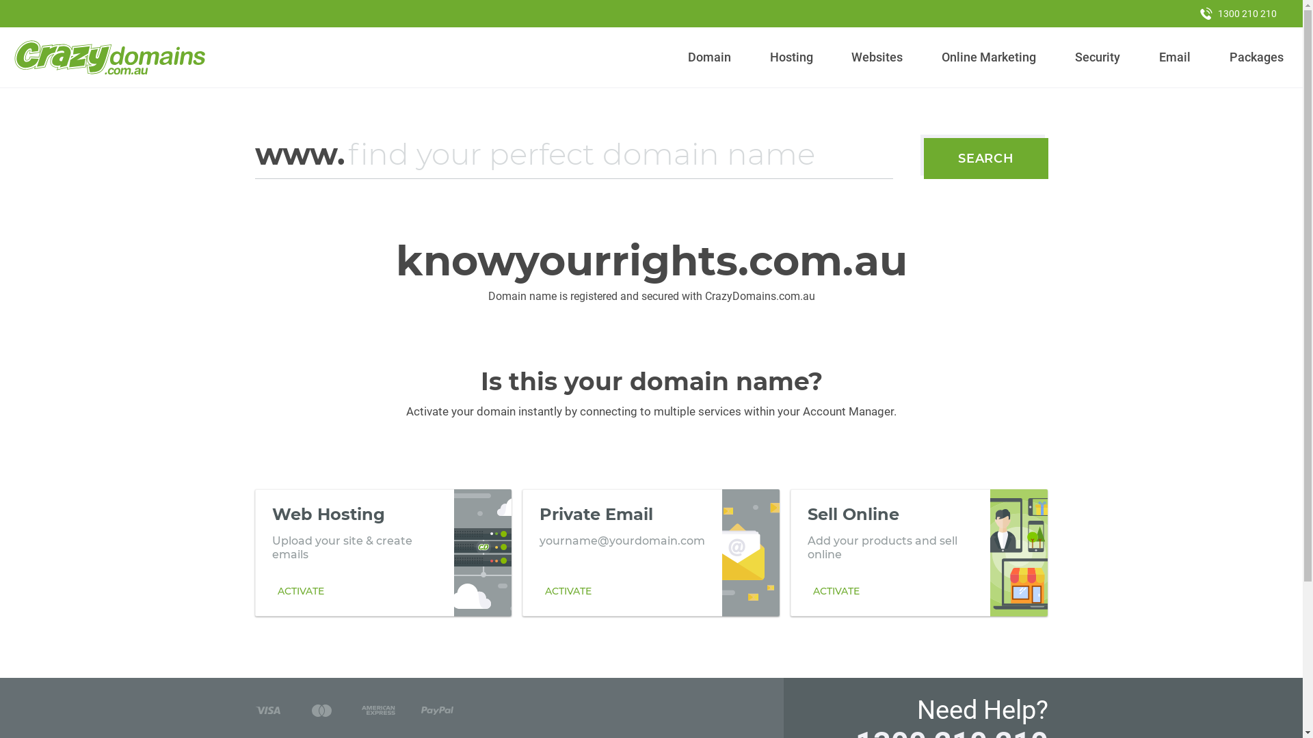 The width and height of the screenshot is (1313, 738). What do you see at coordinates (1173, 57) in the screenshot?
I see `'Email'` at bounding box center [1173, 57].